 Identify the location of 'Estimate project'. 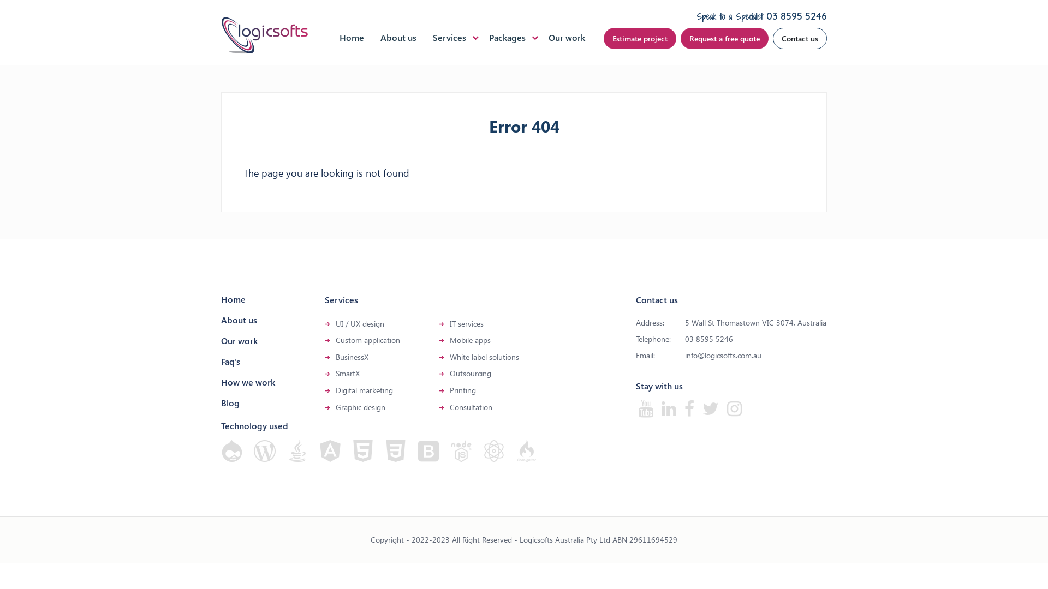
(640, 38).